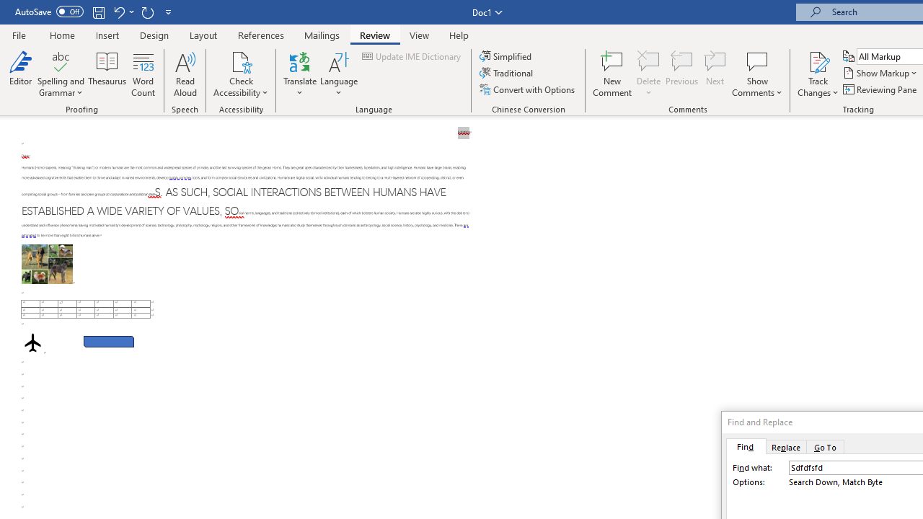 The image size is (923, 519). What do you see at coordinates (241, 61) in the screenshot?
I see `'Check Accessibility'` at bounding box center [241, 61].